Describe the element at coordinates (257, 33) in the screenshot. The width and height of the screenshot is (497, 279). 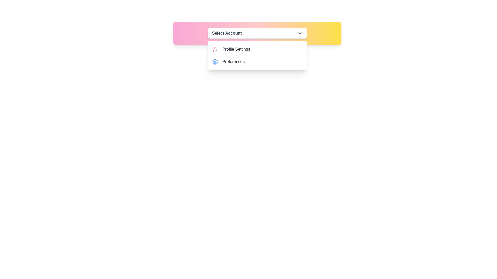
I see `the Dropdown trigger element labeled 'Select Account'` at that location.